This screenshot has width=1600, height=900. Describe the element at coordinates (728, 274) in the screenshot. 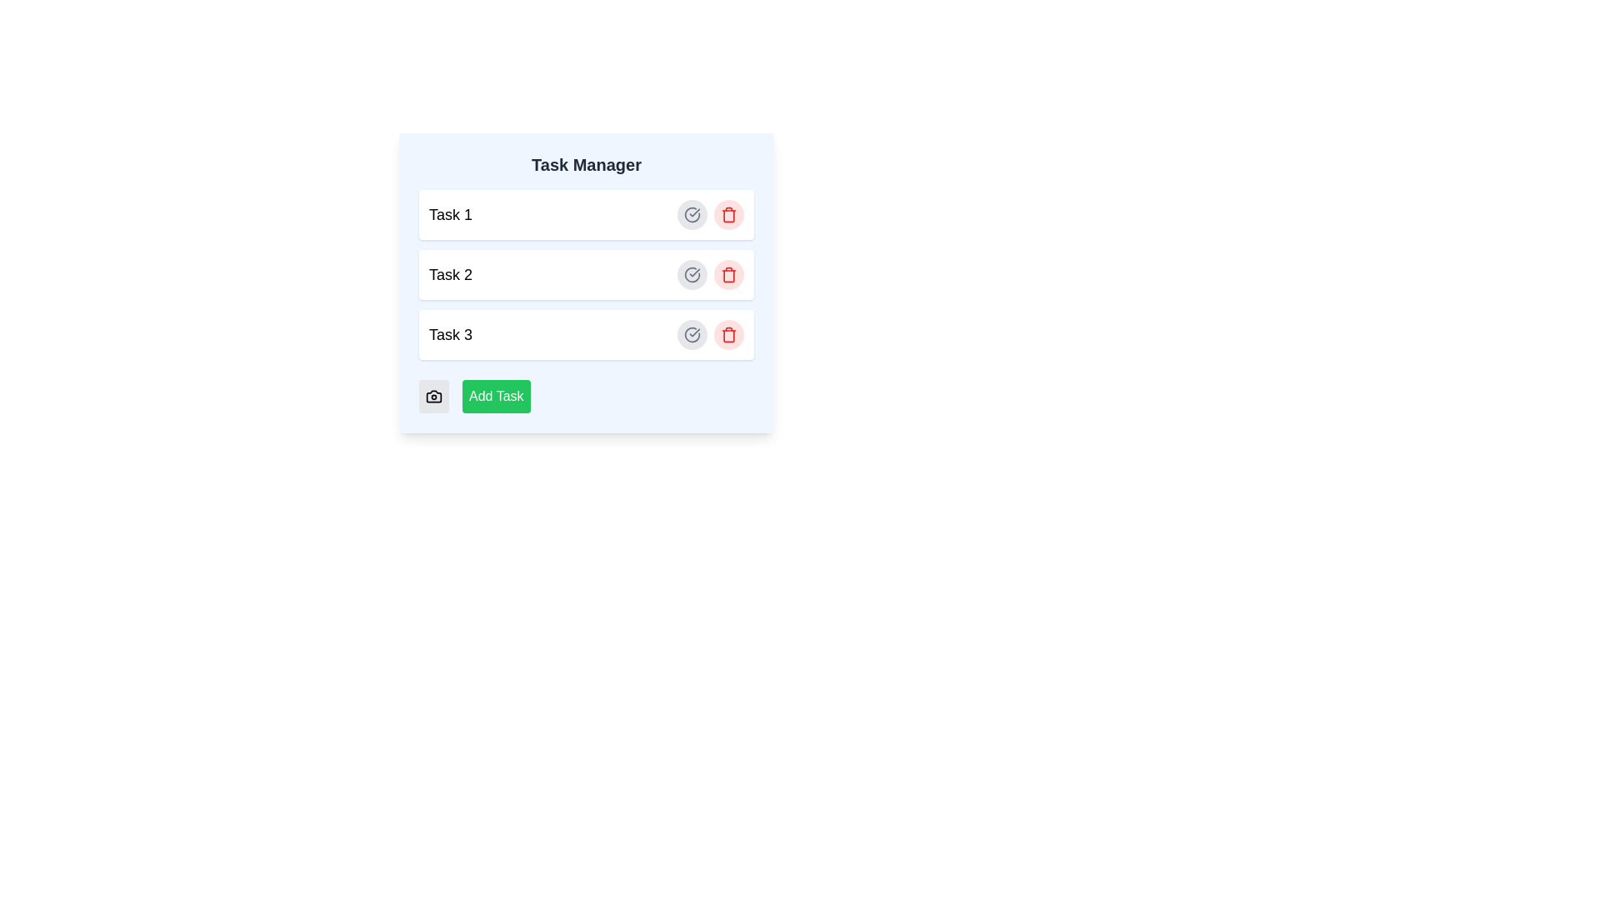

I see `the small red-colored trash icon button, which is the second in a vertical series of three trash icons aligned with the 'Task 2' row` at that location.